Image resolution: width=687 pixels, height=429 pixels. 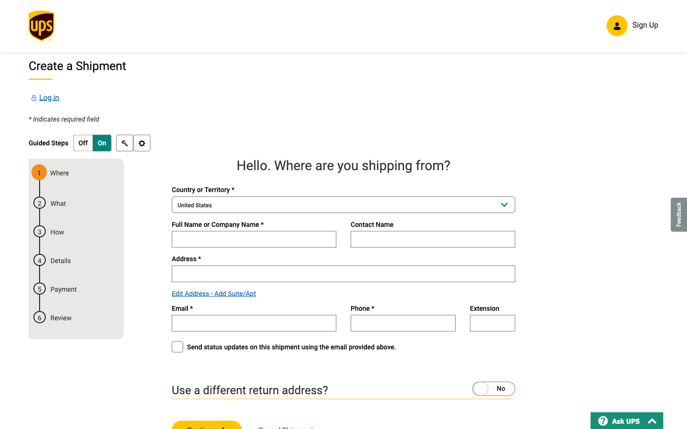 I want to click on Verify the shipment configurations settings, so click(x=141, y=143).